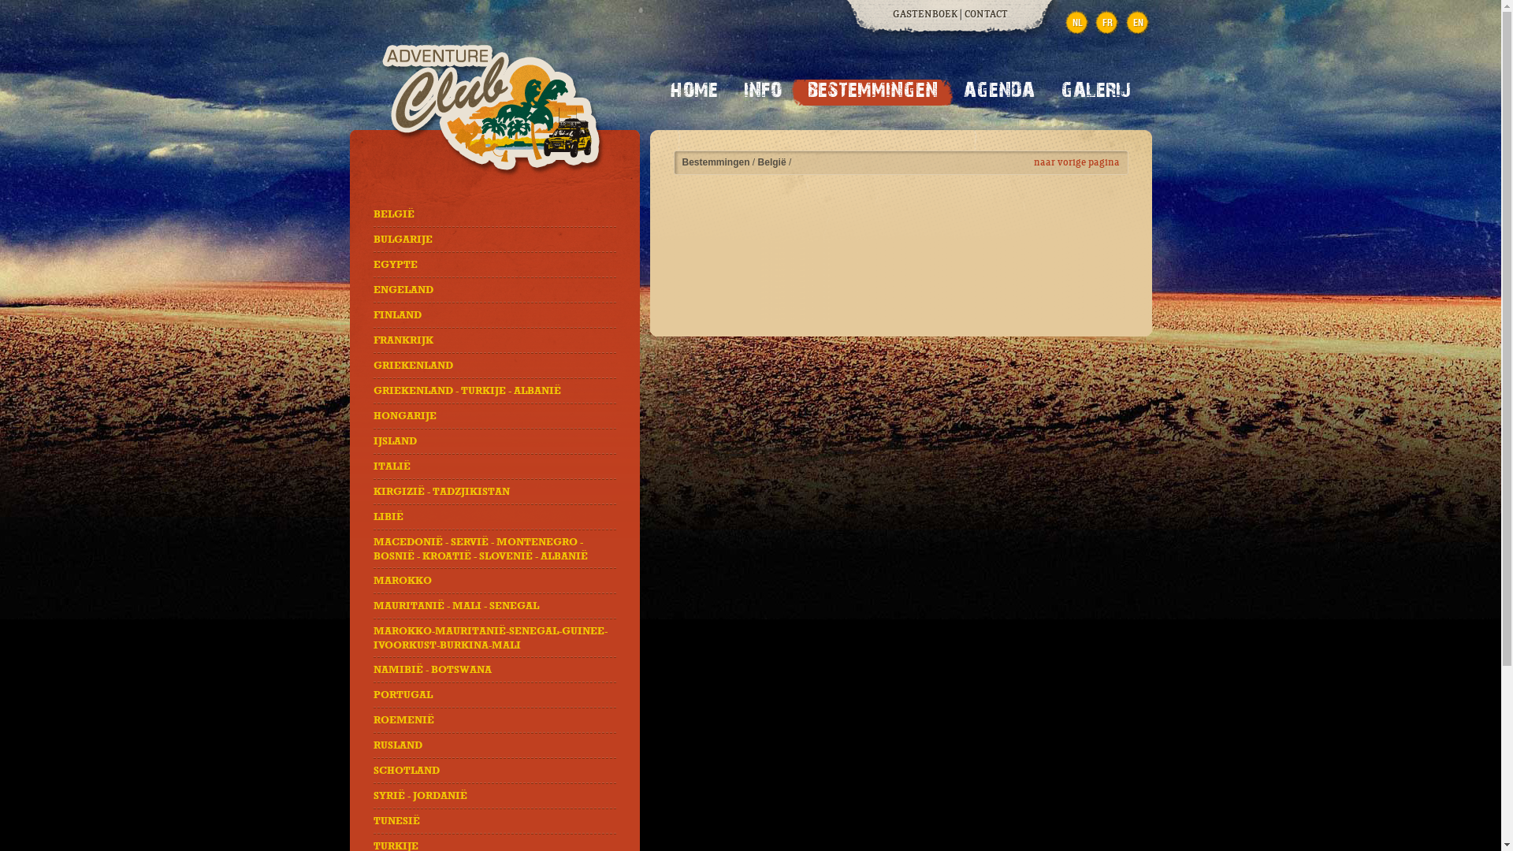  Describe the element at coordinates (1095, 92) in the screenshot. I see `'GALERIJ'` at that location.